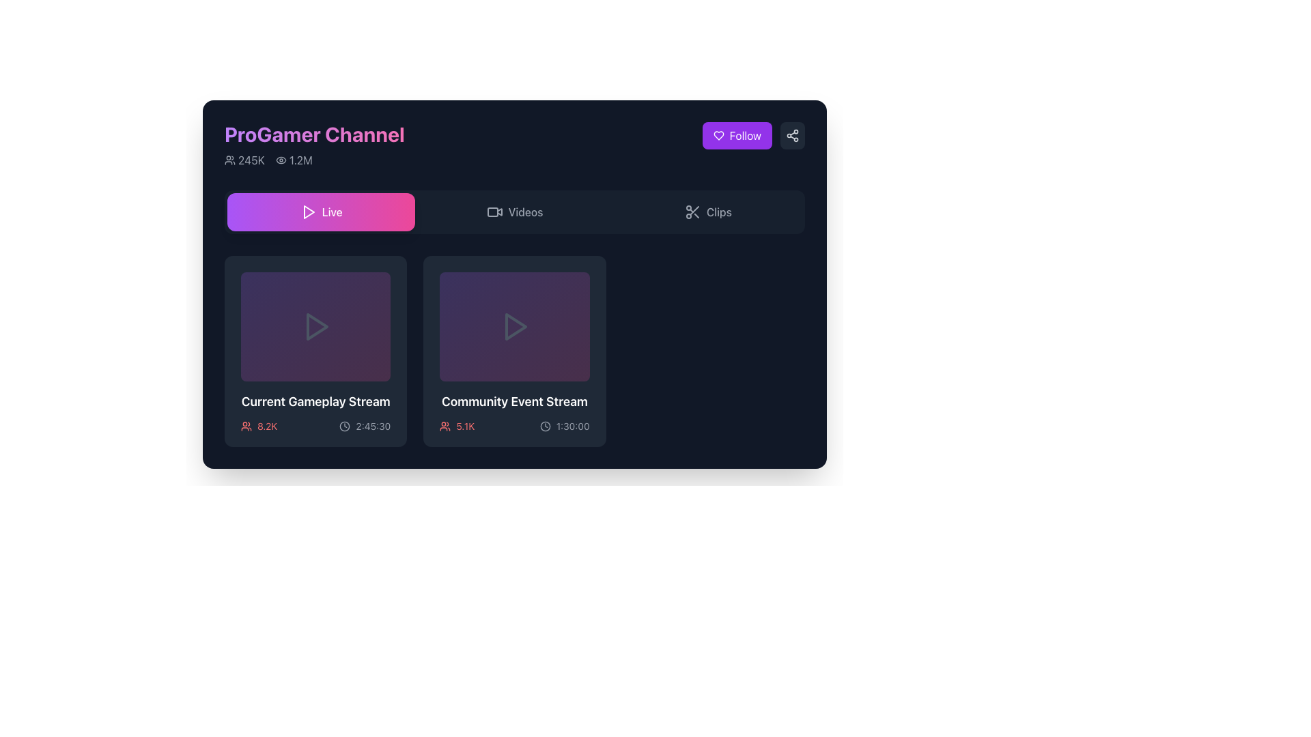 The image size is (1311, 737). What do you see at coordinates (573, 425) in the screenshot?
I see `text content from the Text display indicating the duration or time located at the bottom right of the 'Community Event Stream' card, adjacent to the clock icon` at bounding box center [573, 425].